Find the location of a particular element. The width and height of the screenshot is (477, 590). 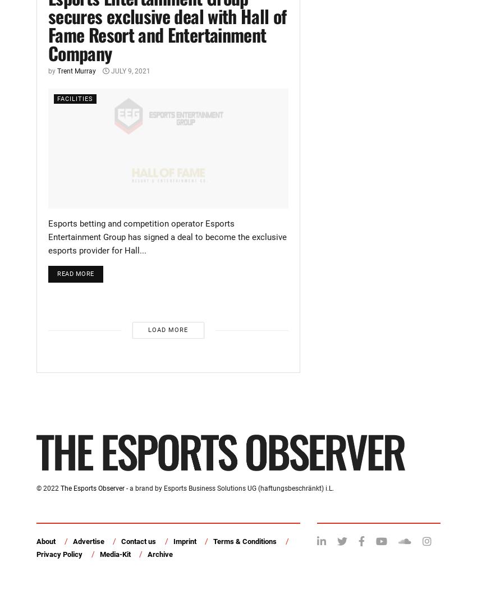

'The Esports Observer' is located at coordinates (92, 487).